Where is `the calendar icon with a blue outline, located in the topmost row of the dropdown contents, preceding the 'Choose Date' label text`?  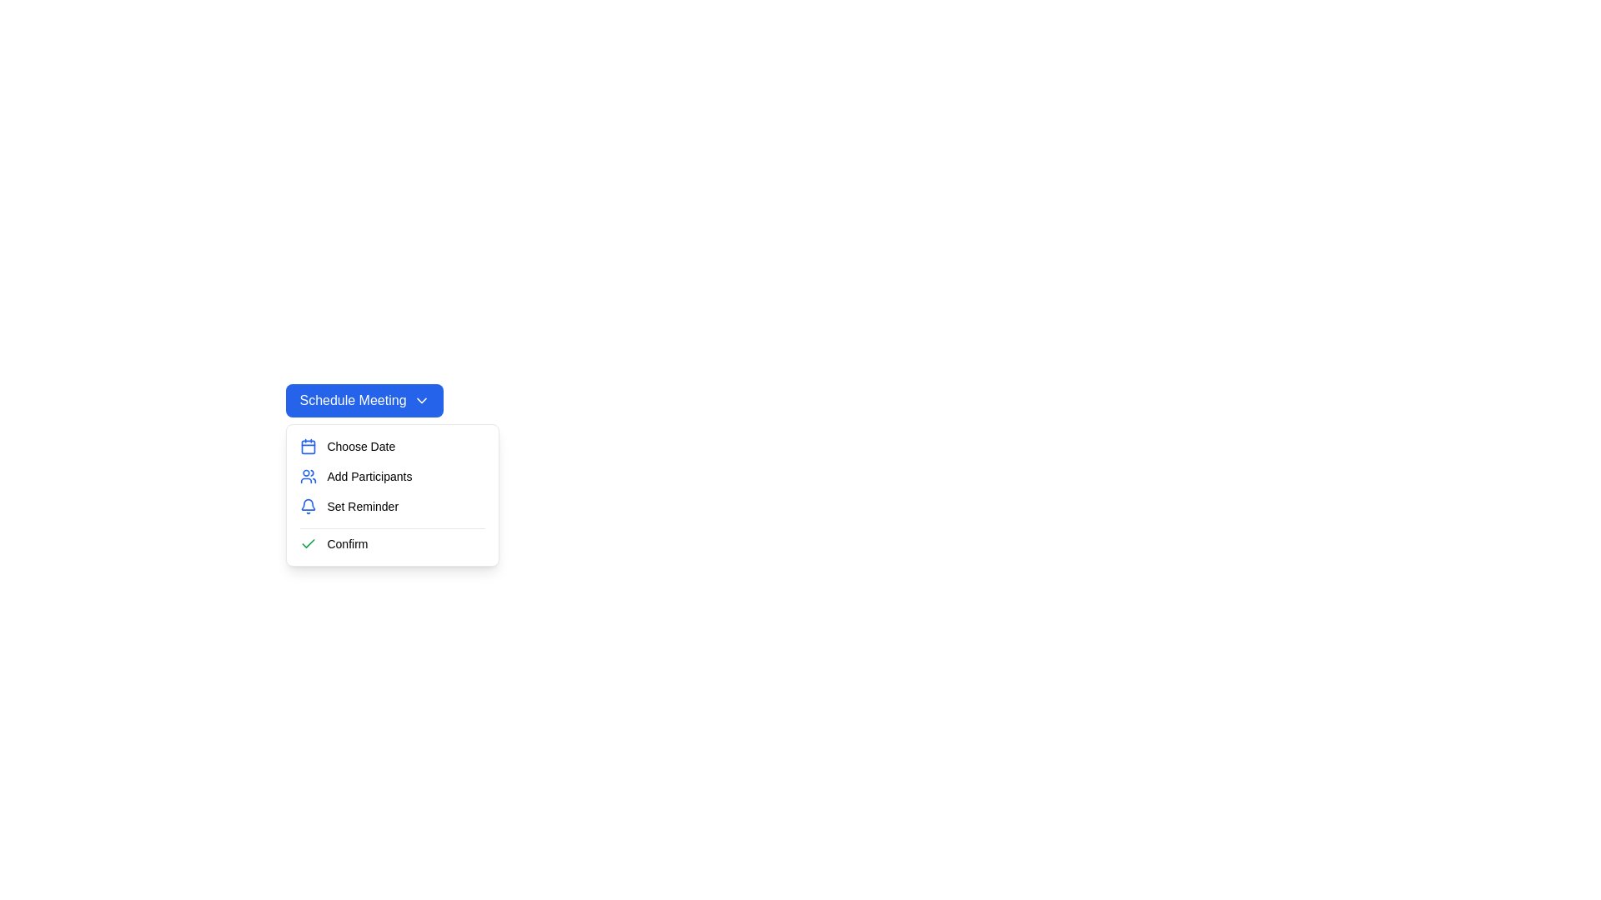 the calendar icon with a blue outline, located in the topmost row of the dropdown contents, preceding the 'Choose Date' label text is located at coordinates (309, 446).